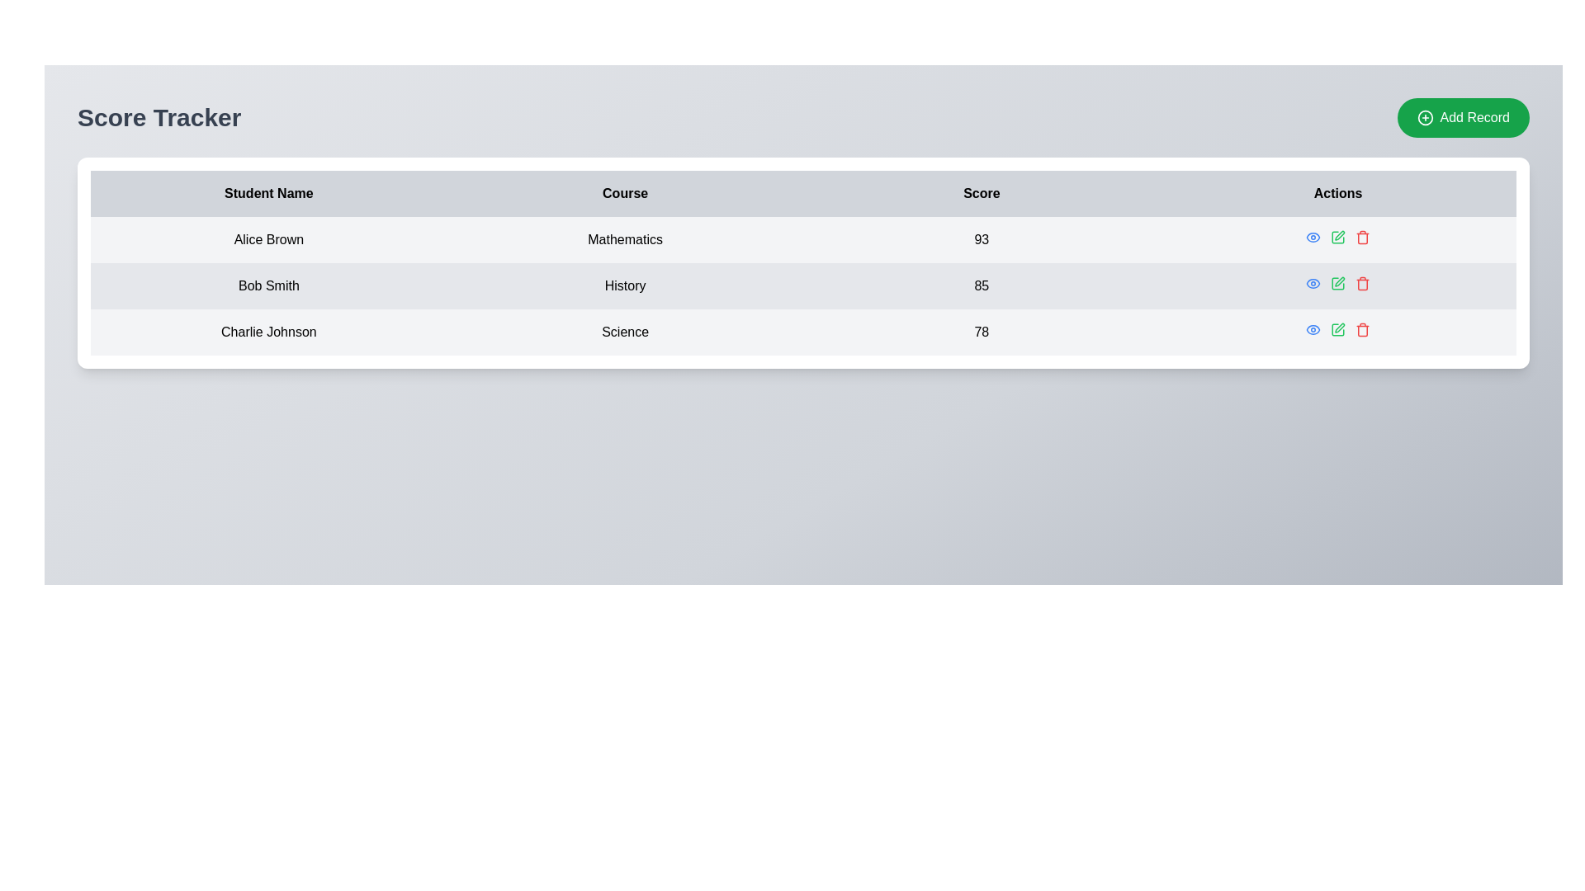 Image resolution: width=1585 pixels, height=891 pixels. What do you see at coordinates (1363, 238) in the screenshot?
I see `the delete button with a trash bin icon located at the far-right end of the action buttons in the 'Actions' column of the table row to initiate the delete action` at bounding box center [1363, 238].